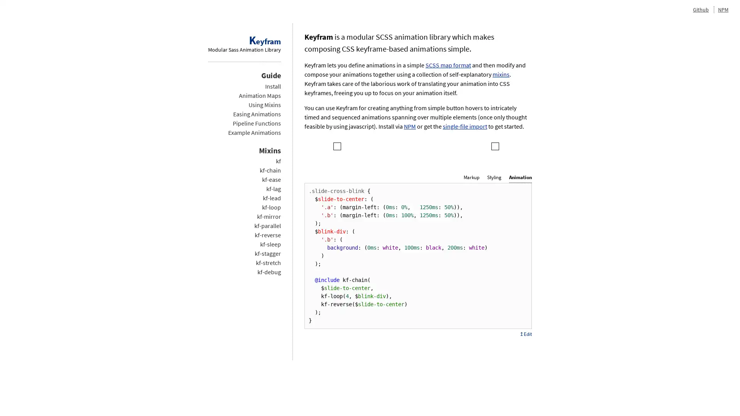 This screenshot has height=416, width=740. Describe the element at coordinates (471, 177) in the screenshot. I see `Markup` at that location.